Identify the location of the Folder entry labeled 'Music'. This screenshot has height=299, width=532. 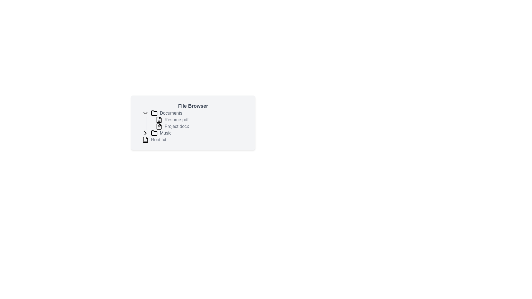
(193, 133).